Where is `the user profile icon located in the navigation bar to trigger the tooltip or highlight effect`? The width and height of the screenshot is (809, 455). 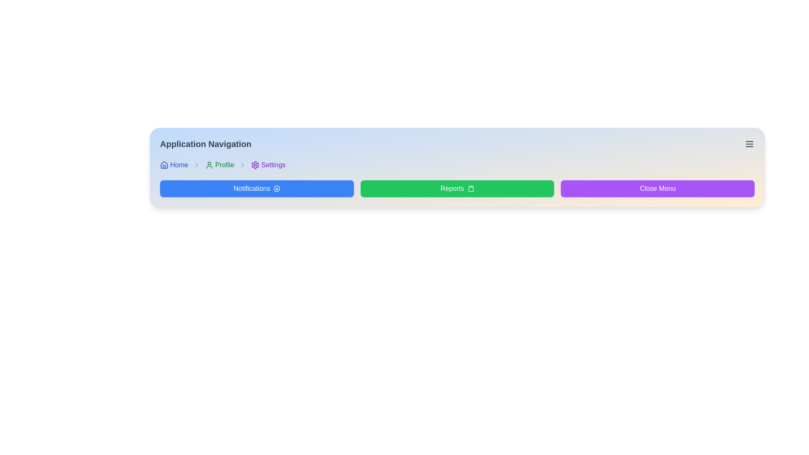
the user profile icon located in the navigation bar to trigger the tooltip or highlight effect is located at coordinates (209, 165).